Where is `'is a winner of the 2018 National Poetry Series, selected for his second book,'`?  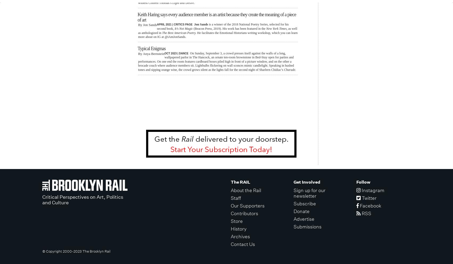
'is a winner of the 2018 National Poetry Series, selected for his second book,' is located at coordinates (222, 26).